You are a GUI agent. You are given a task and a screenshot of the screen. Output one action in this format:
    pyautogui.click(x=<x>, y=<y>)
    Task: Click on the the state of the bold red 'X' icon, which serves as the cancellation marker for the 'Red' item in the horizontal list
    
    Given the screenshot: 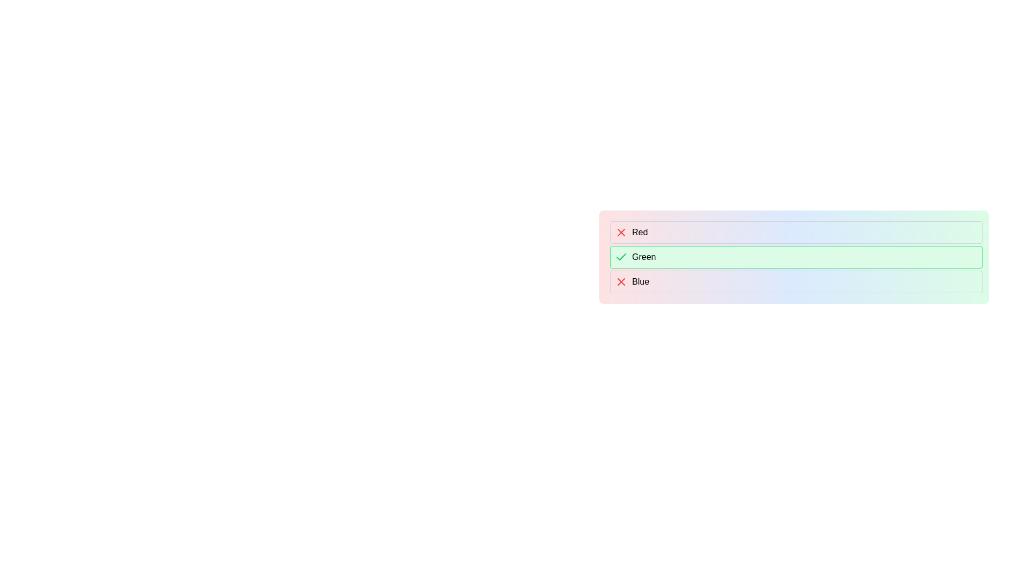 What is the action you would take?
    pyautogui.click(x=621, y=231)
    